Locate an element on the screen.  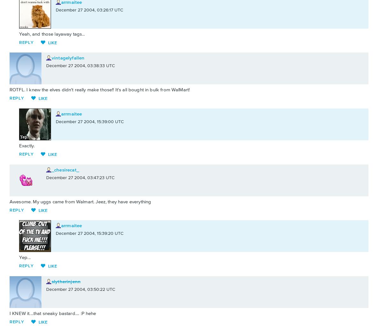
'vintagelyfallen' is located at coordinates (68, 58).